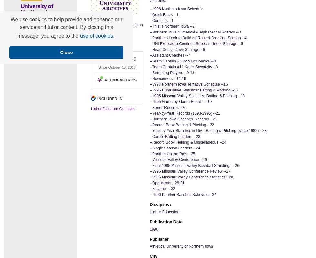  I want to click on 'UNI ScholarWorks', so click(8, 36).